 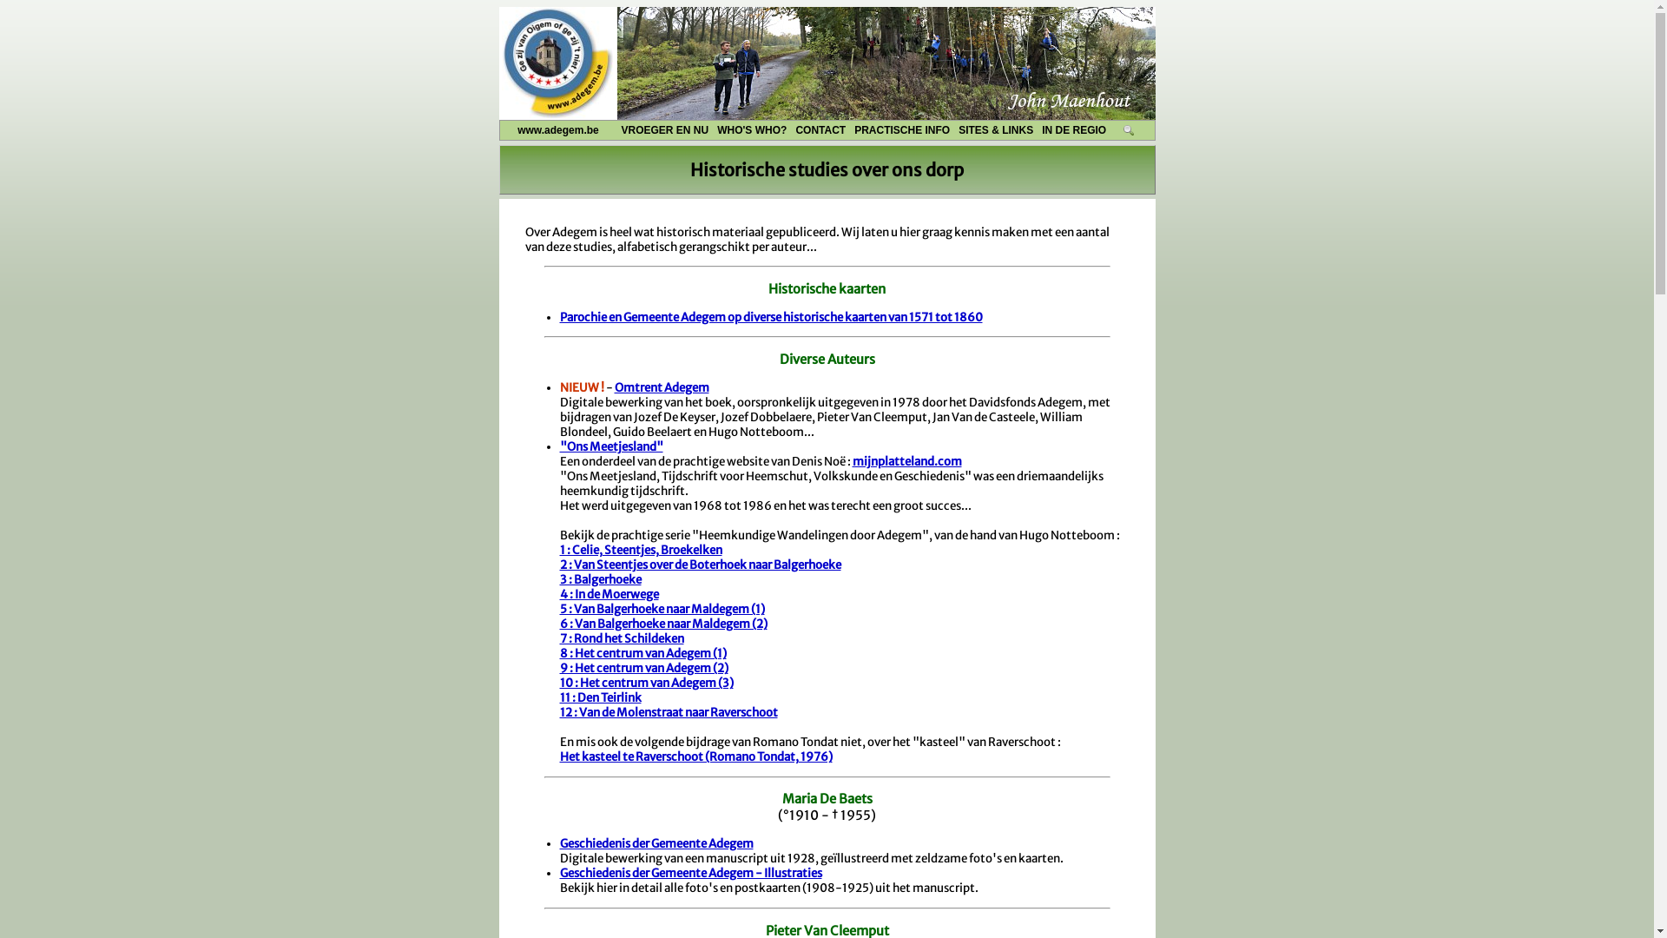 What do you see at coordinates (996, 129) in the screenshot?
I see `'SITES & LINKS'` at bounding box center [996, 129].